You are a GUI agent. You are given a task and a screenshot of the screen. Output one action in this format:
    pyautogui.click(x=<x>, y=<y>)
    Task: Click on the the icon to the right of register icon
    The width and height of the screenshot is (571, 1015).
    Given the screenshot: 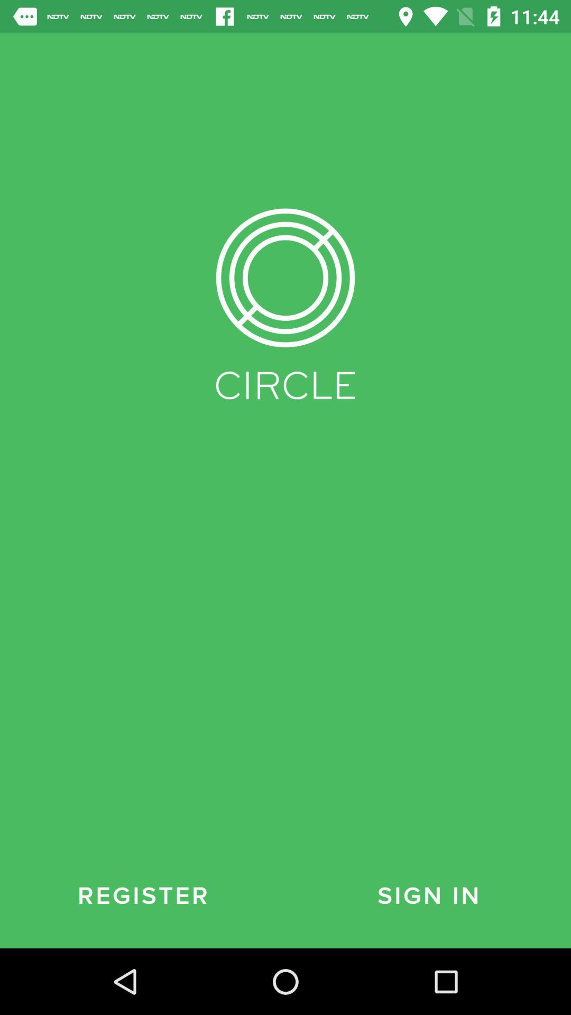 What is the action you would take?
    pyautogui.click(x=428, y=896)
    